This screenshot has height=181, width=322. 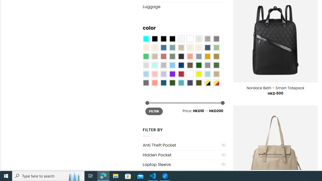 I want to click on 'Caramel', so click(x=190, y=48).